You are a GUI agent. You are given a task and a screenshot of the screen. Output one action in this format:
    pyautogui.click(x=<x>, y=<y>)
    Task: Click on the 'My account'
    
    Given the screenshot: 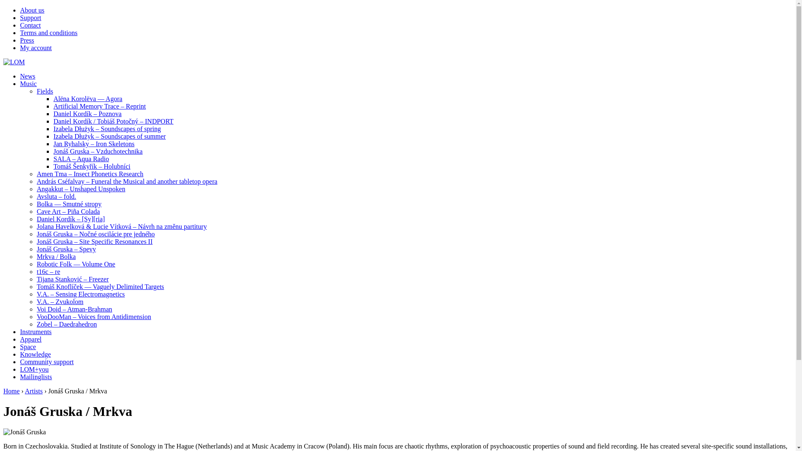 What is the action you would take?
    pyautogui.click(x=36, y=48)
    